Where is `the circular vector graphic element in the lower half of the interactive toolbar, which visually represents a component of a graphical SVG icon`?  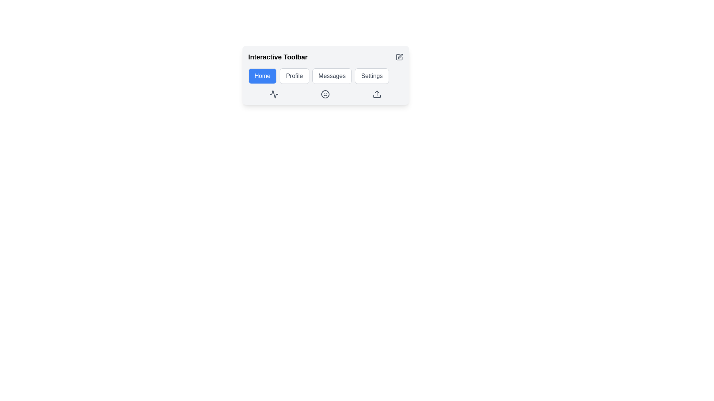 the circular vector graphic element in the lower half of the interactive toolbar, which visually represents a component of a graphical SVG icon is located at coordinates (325, 94).